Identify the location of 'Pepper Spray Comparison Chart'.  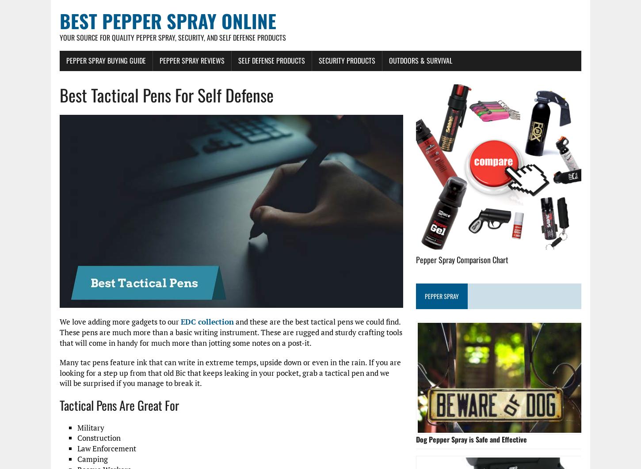
(462, 259).